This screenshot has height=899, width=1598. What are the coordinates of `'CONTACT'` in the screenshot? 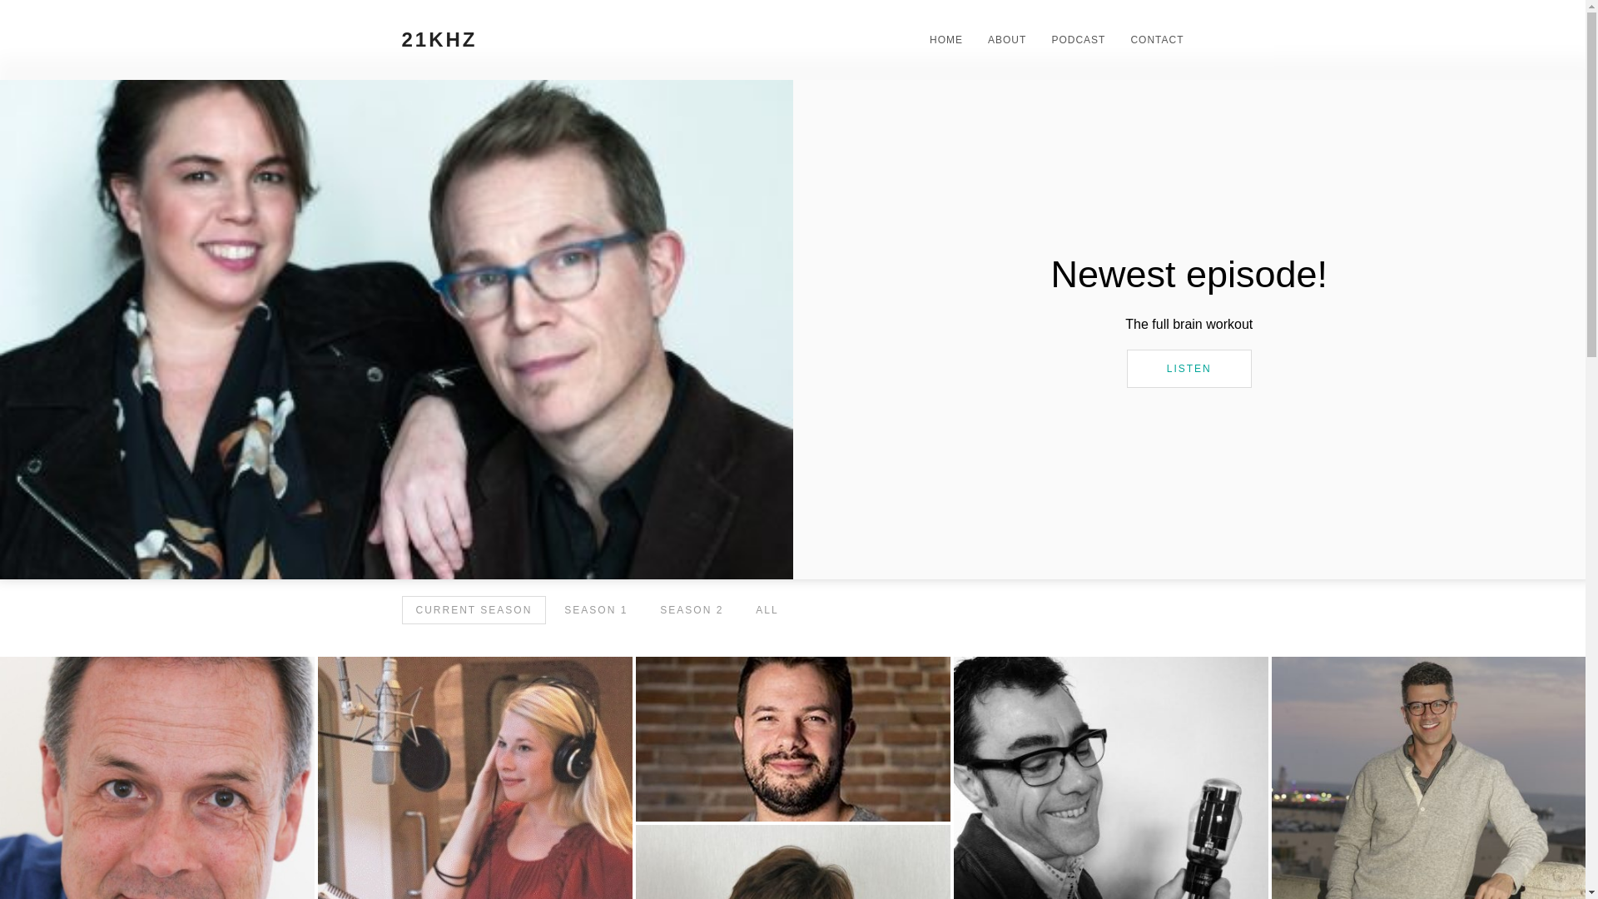 It's located at (1149, 38).